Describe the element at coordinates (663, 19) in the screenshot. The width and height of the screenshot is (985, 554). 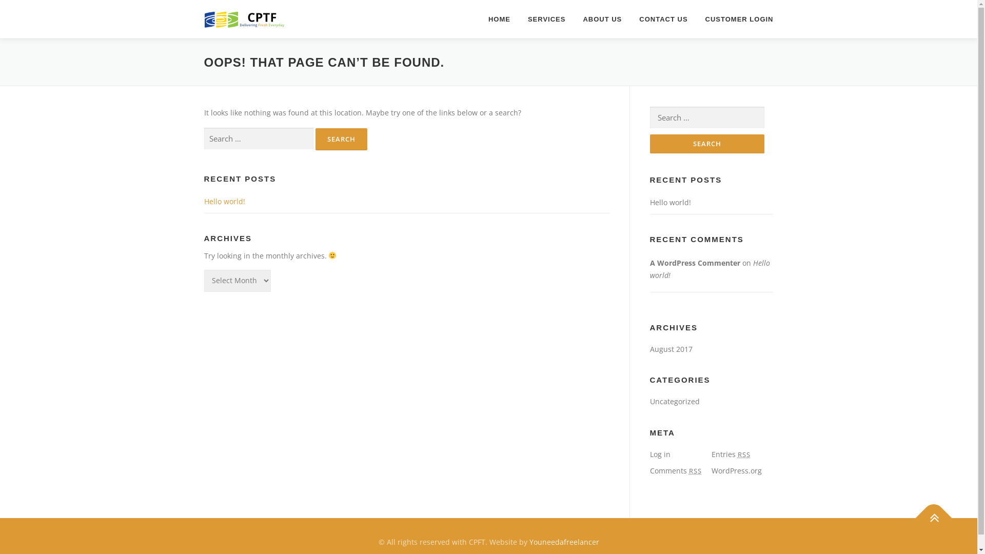
I see `'CONTACT US'` at that location.